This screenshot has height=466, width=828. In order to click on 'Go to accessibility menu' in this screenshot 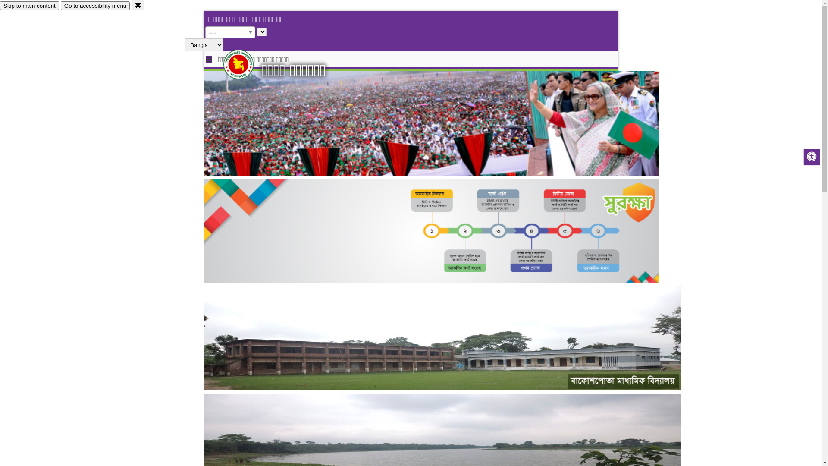, I will do `click(95, 6)`.